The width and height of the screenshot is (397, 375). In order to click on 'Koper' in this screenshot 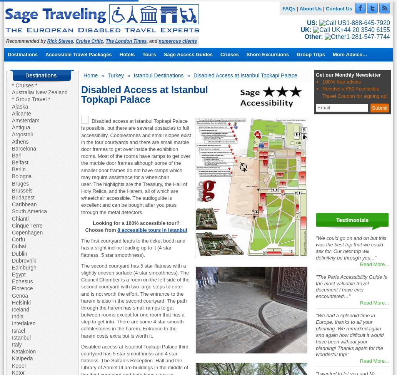, I will do `click(12, 365)`.